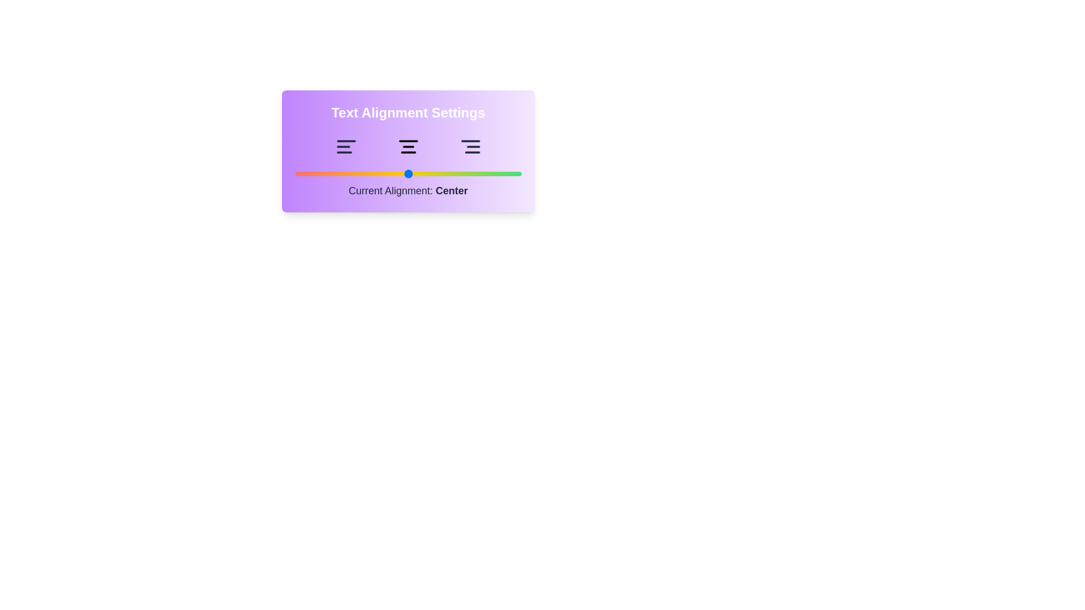  What do you see at coordinates (492, 174) in the screenshot?
I see `the alignment slider to 87 and observe the text indicator update` at bounding box center [492, 174].